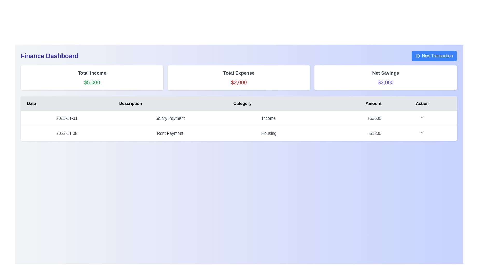 The image size is (498, 280). What do you see at coordinates (434, 56) in the screenshot?
I see `the 'Create New Transaction' button located at the far right of the header section in the 'Finance Dashboard' layout` at bounding box center [434, 56].